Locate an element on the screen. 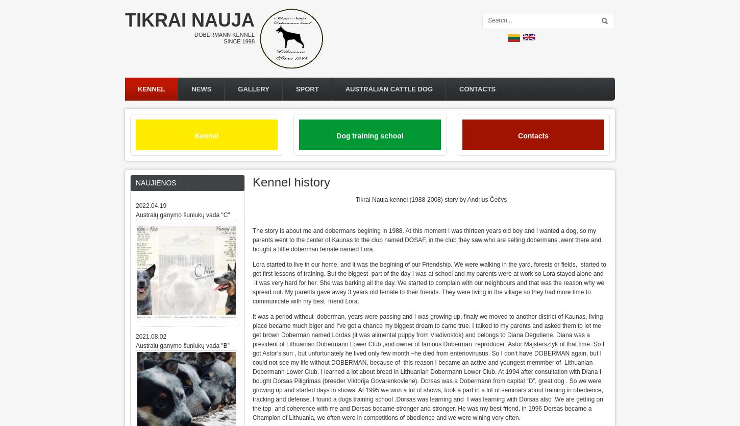 The image size is (740, 426). 'Dobermann kennel' is located at coordinates (224, 34).